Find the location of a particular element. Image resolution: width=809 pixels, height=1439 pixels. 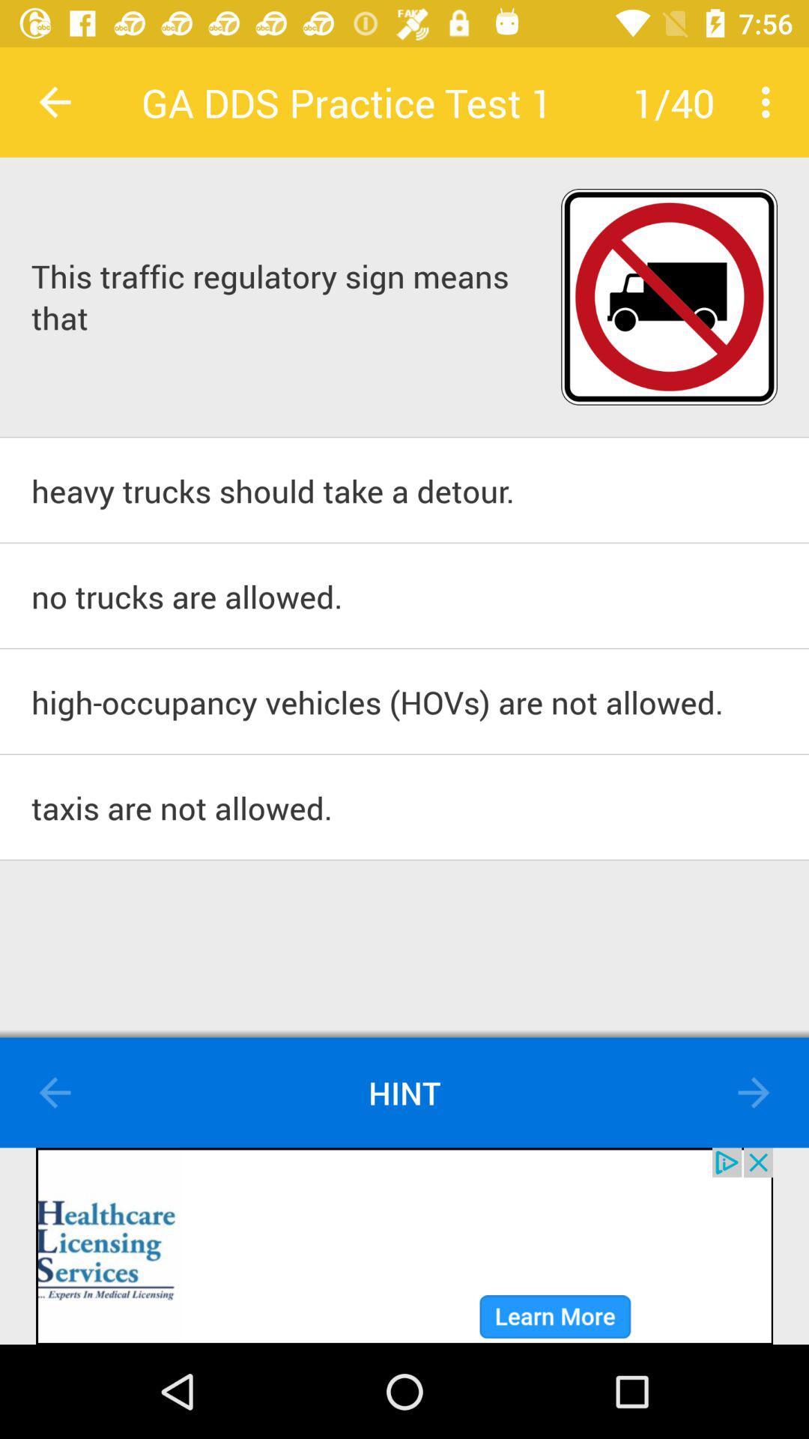

the arrow_forward icon is located at coordinates (754, 1093).